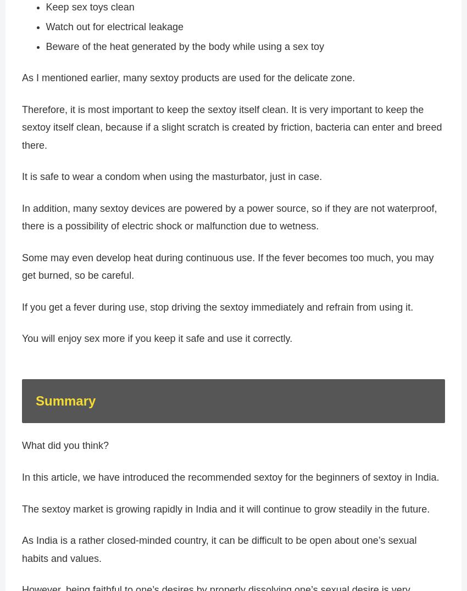 Image resolution: width=467 pixels, height=591 pixels. Describe the element at coordinates (90, 11) in the screenshot. I see `'Keep sex toys clean'` at that location.